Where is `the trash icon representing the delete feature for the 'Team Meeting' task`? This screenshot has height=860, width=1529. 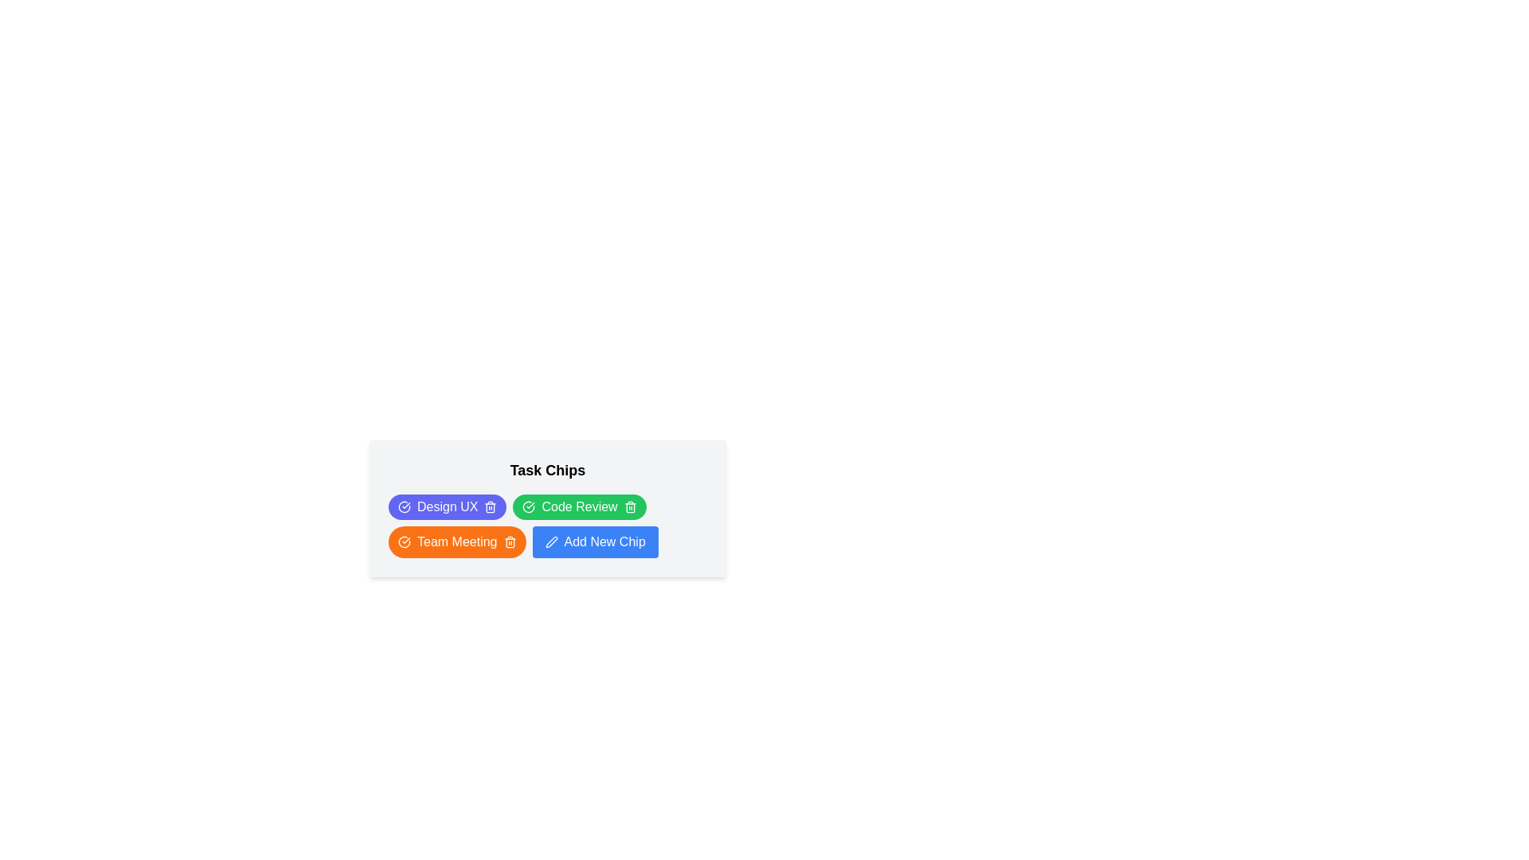 the trash icon representing the delete feature for the 'Team Meeting' task is located at coordinates (510, 542).